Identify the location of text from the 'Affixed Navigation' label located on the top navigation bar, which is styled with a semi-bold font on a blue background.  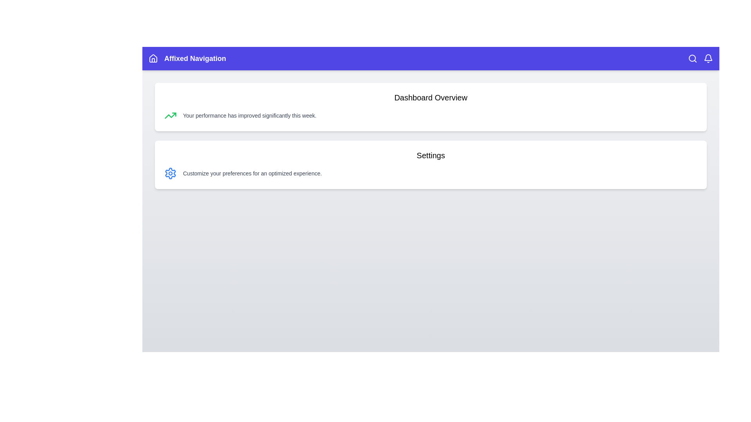
(195, 58).